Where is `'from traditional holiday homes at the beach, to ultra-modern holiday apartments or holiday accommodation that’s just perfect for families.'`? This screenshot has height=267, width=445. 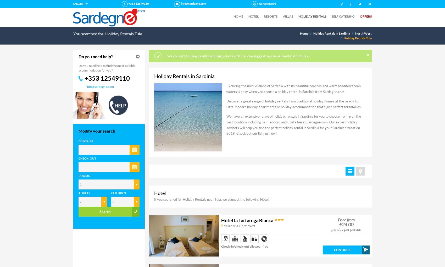 'from traditional holiday homes at the beach, to ultra-modern holiday apartments or holiday accommodation that’s just perfect for families.' is located at coordinates (294, 103).